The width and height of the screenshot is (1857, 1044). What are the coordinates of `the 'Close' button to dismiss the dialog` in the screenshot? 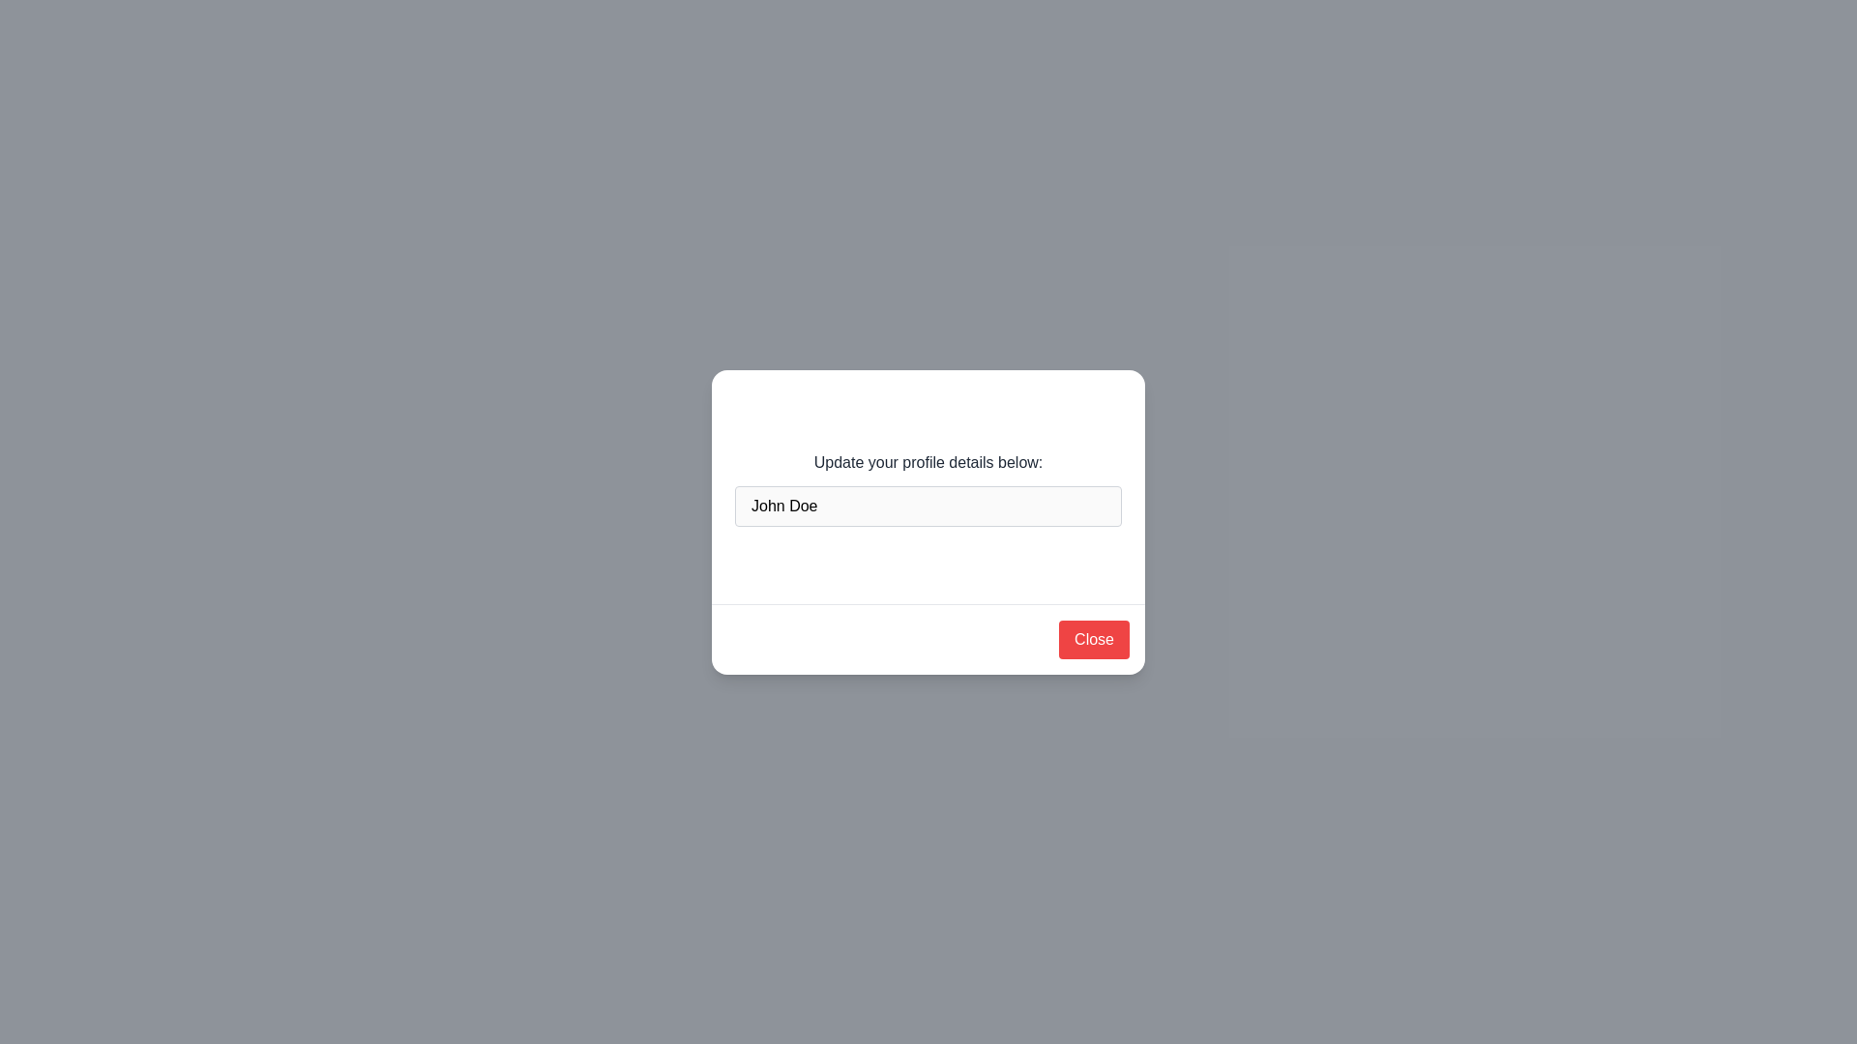 It's located at (1094, 639).